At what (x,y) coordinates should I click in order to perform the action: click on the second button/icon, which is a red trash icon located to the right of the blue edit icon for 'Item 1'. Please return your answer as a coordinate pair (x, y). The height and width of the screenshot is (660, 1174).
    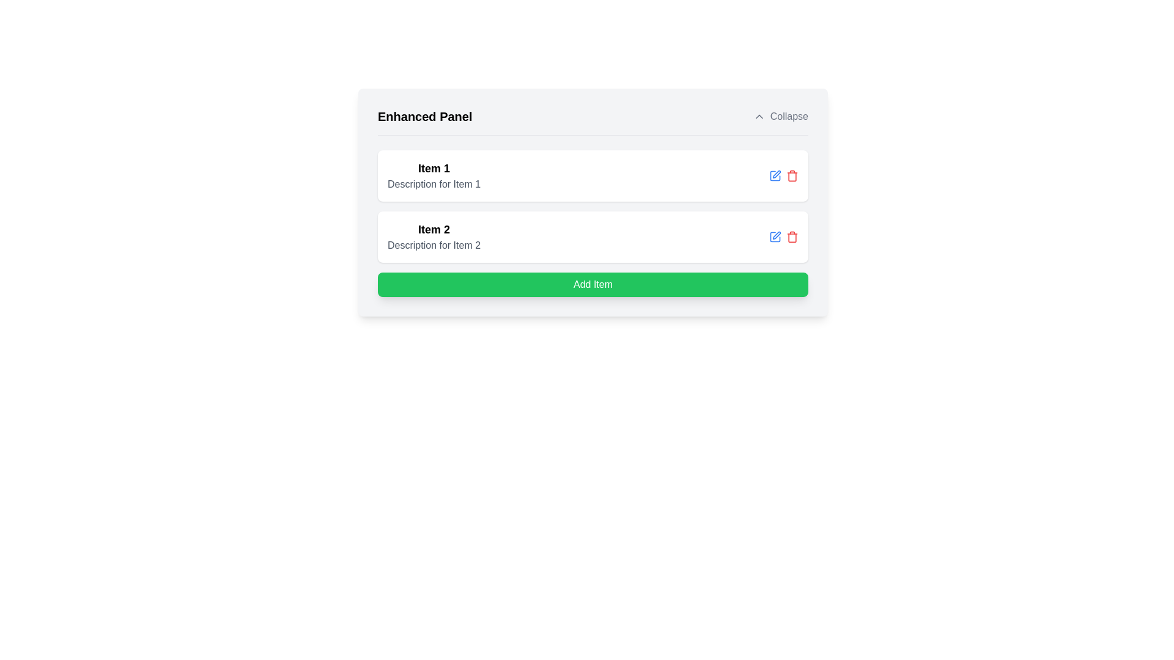
    Looking at the image, I should click on (792, 176).